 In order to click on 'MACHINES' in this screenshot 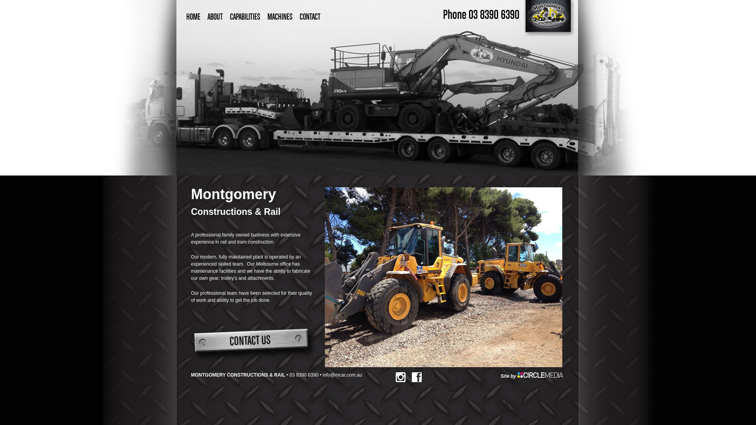, I will do `click(280, 17)`.